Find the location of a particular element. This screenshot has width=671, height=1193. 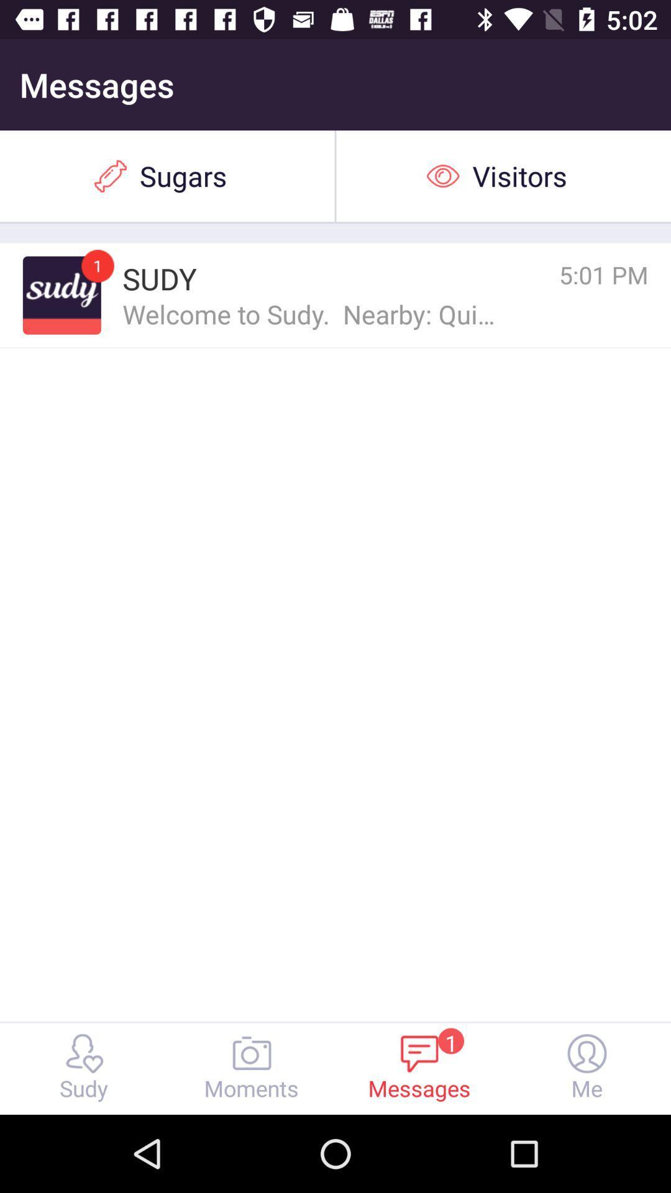

icon to the left of sudy icon is located at coordinates (62, 295).